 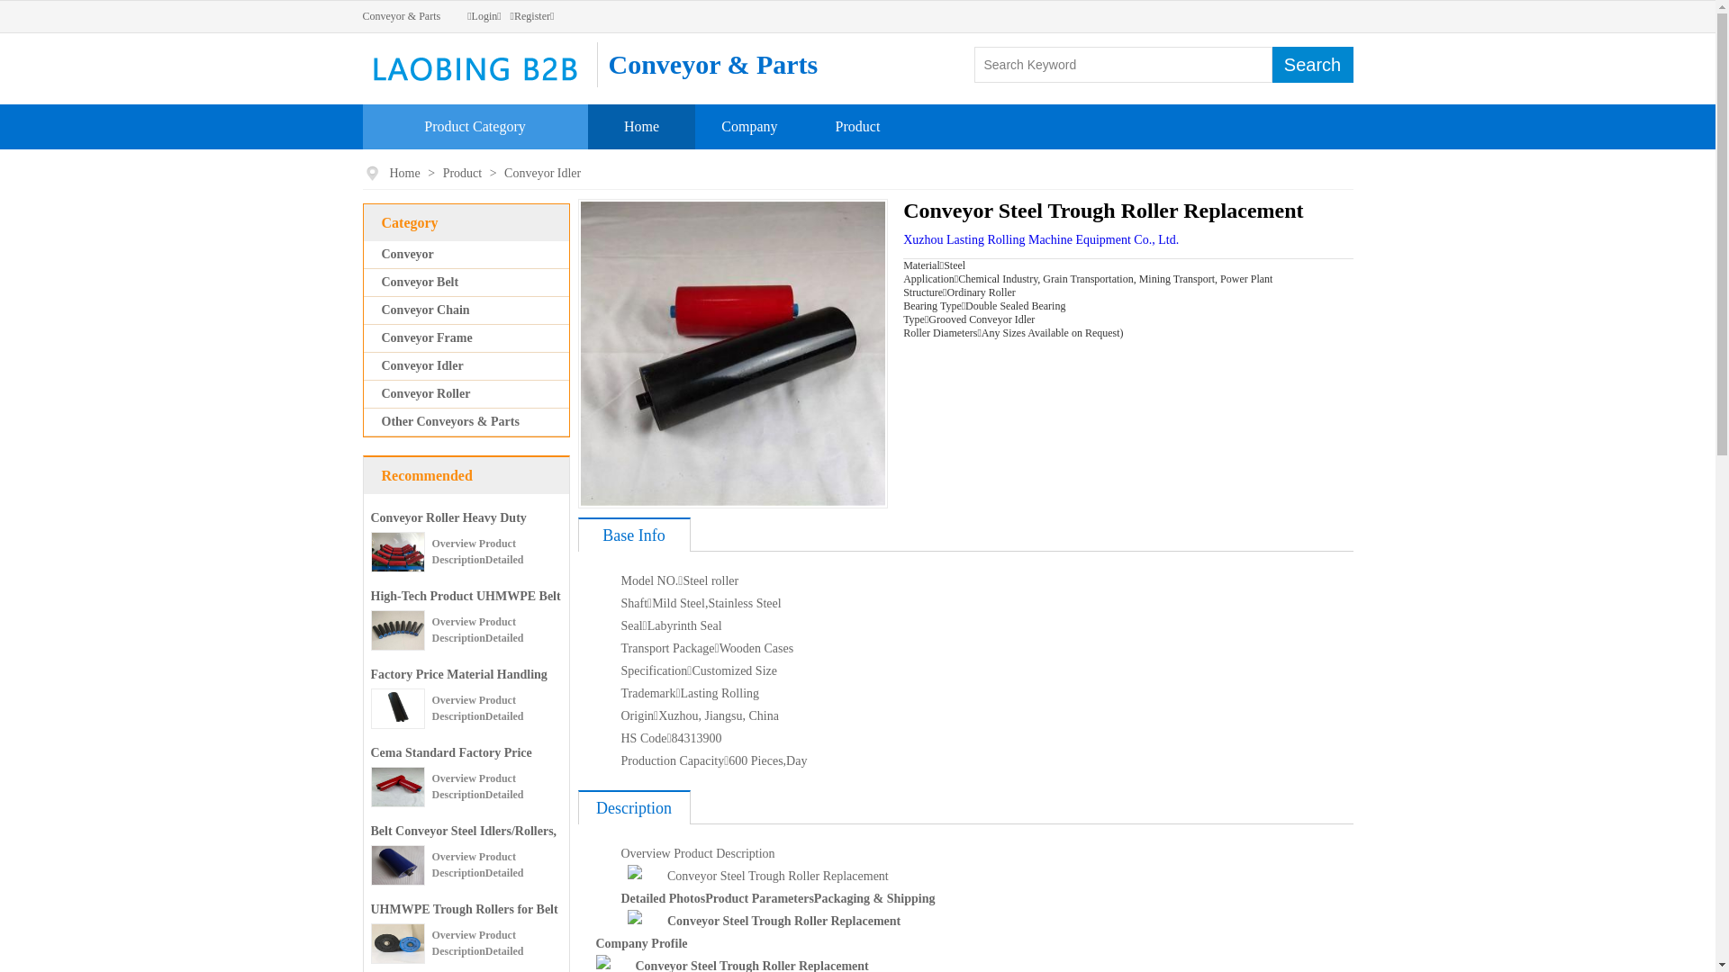 I want to click on 'Conveyor Idler', so click(x=380, y=364).